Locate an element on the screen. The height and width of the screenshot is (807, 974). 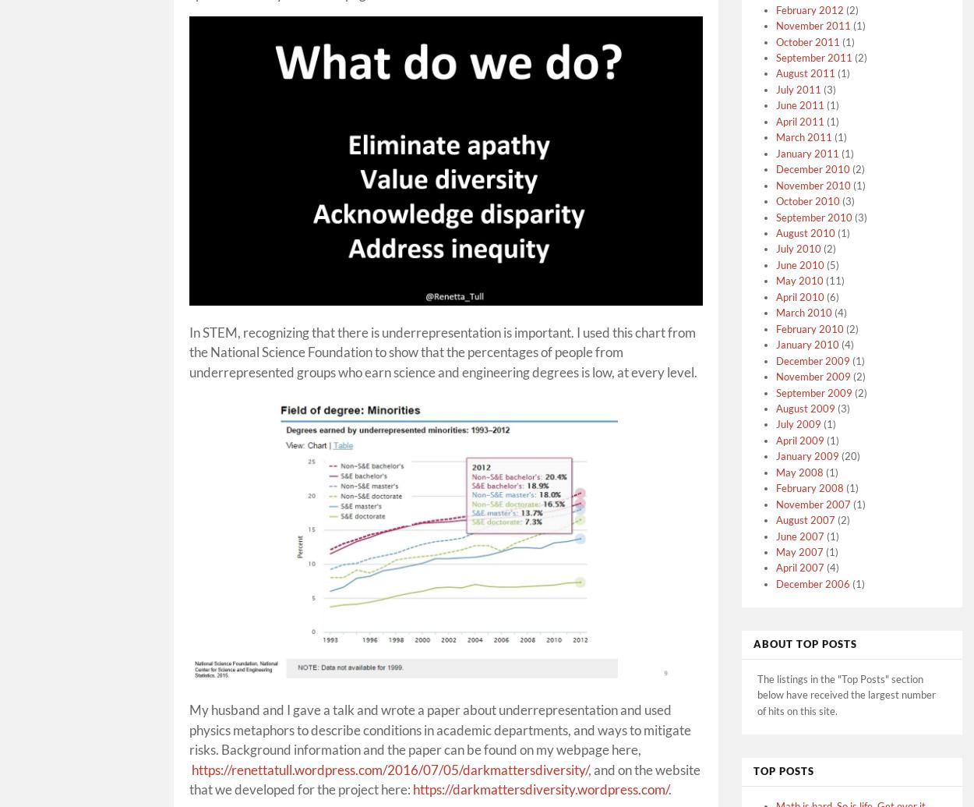
'August 2007' is located at coordinates (806, 519).